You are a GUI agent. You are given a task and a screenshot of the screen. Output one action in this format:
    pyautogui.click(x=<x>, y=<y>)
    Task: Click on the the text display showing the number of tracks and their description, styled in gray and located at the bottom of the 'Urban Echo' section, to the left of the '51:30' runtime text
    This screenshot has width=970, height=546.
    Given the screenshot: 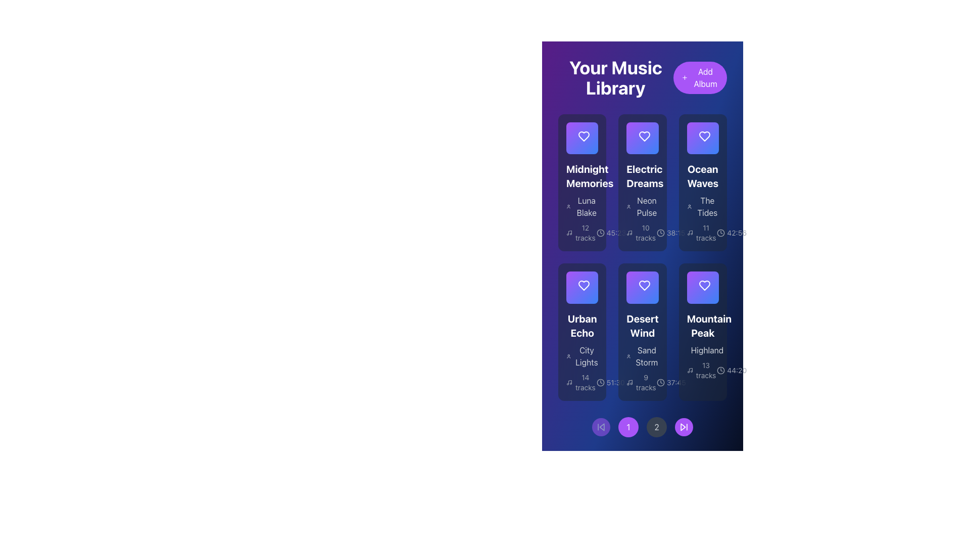 What is the action you would take?
    pyautogui.click(x=582, y=382)
    